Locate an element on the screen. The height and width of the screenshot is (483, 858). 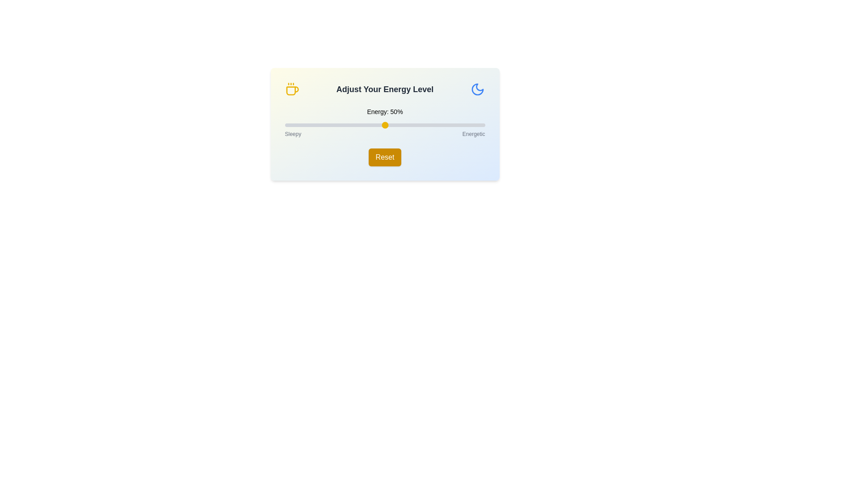
the energy level slider to 71% is located at coordinates (426, 125).